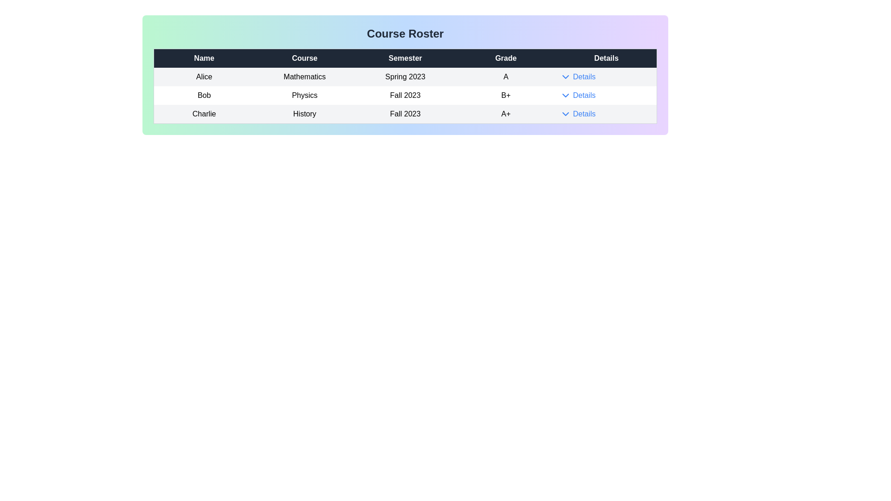 The width and height of the screenshot is (891, 501). I want to click on text from the 'Mathematics' label, which is a black text element centrally located in a light gray background within the Course Roster table, so click(304, 76).